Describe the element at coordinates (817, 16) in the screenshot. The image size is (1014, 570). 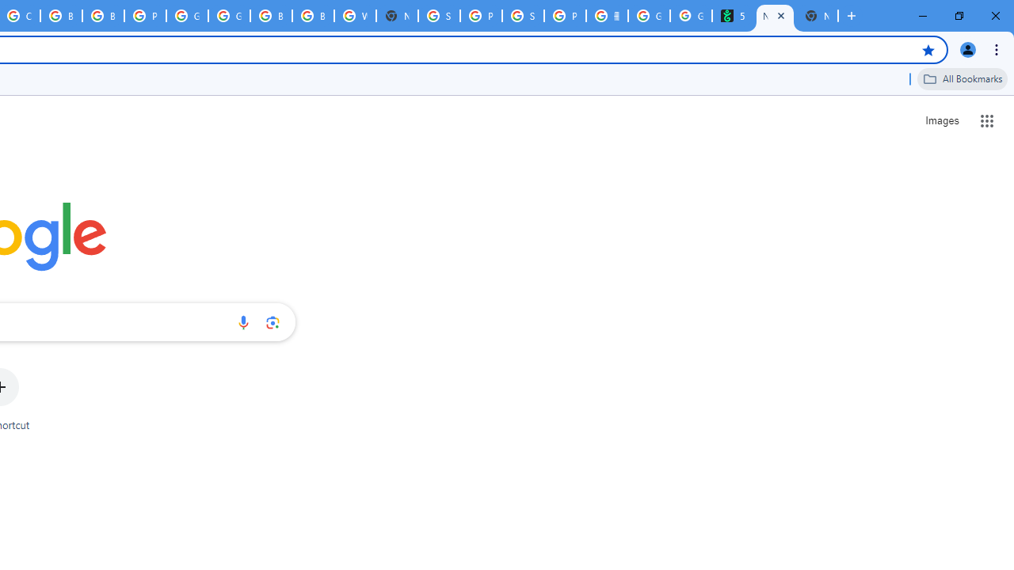
I see `'New Tab'` at that location.